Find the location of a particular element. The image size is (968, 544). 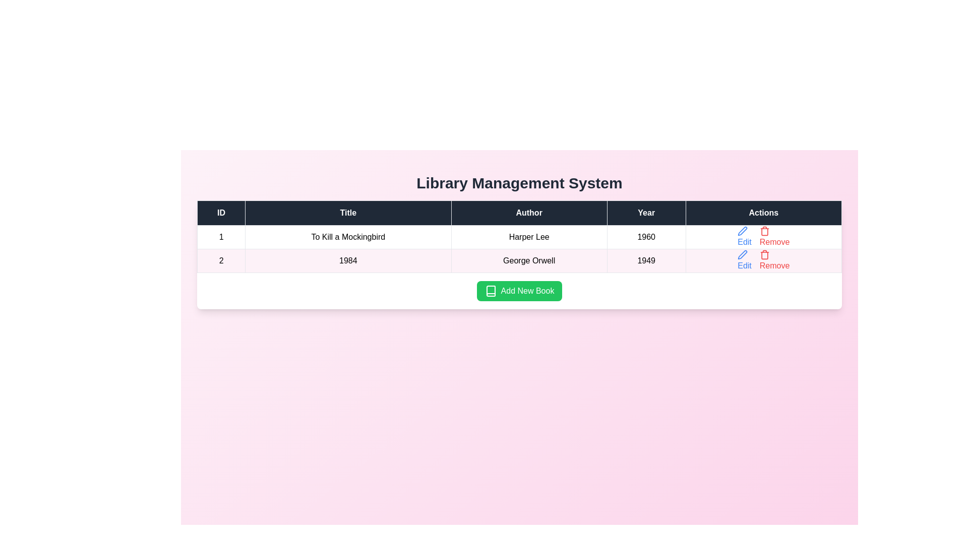

the button with a green background located beneath the table is located at coordinates (519, 291).